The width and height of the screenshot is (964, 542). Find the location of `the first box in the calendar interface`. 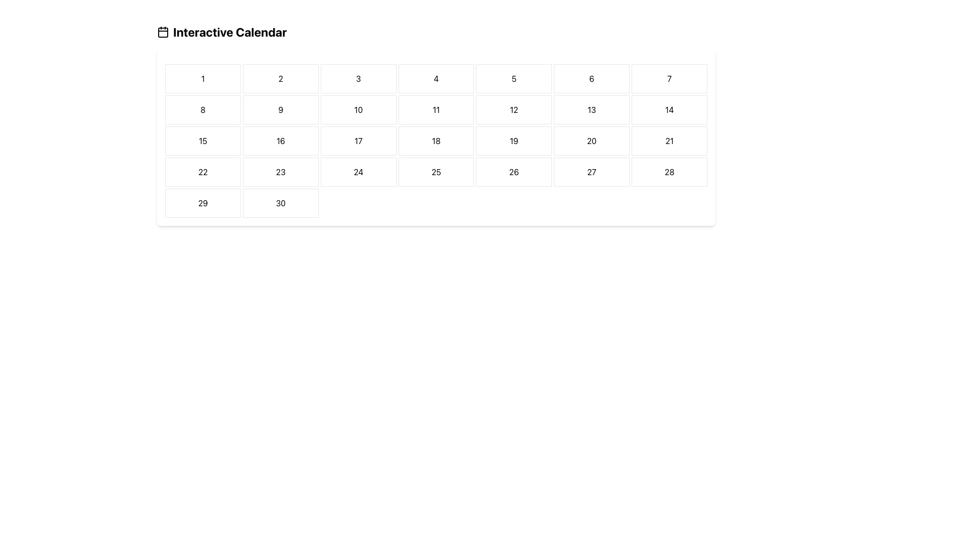

the first box in the calendar interface is located at coordinates (202, 78).